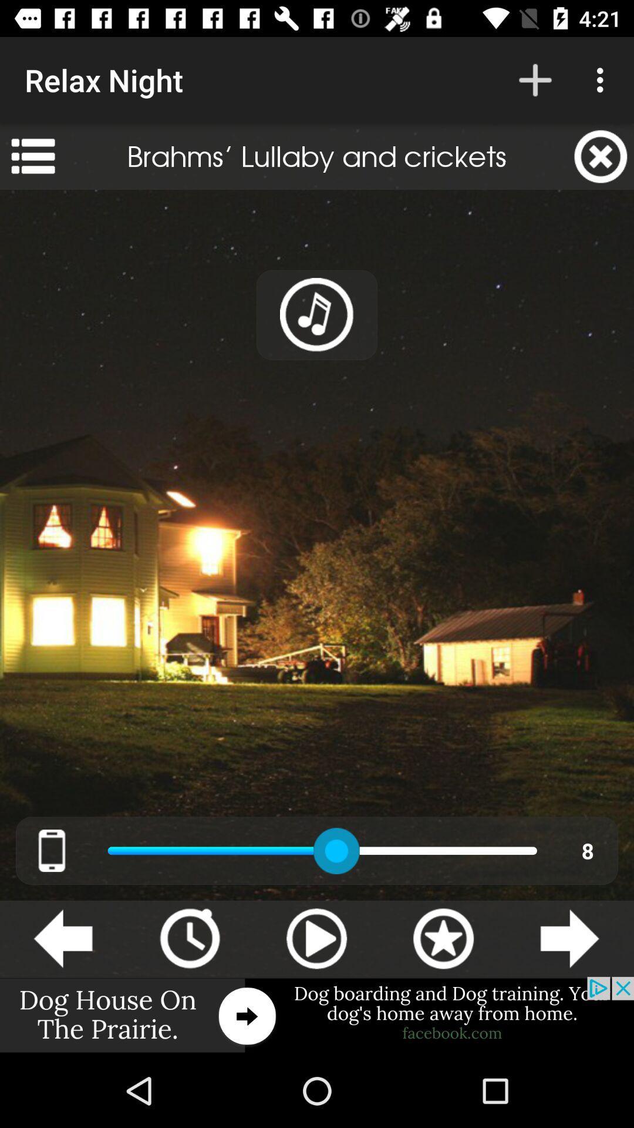  I want to click on the cellphone image, so click(51, 851).